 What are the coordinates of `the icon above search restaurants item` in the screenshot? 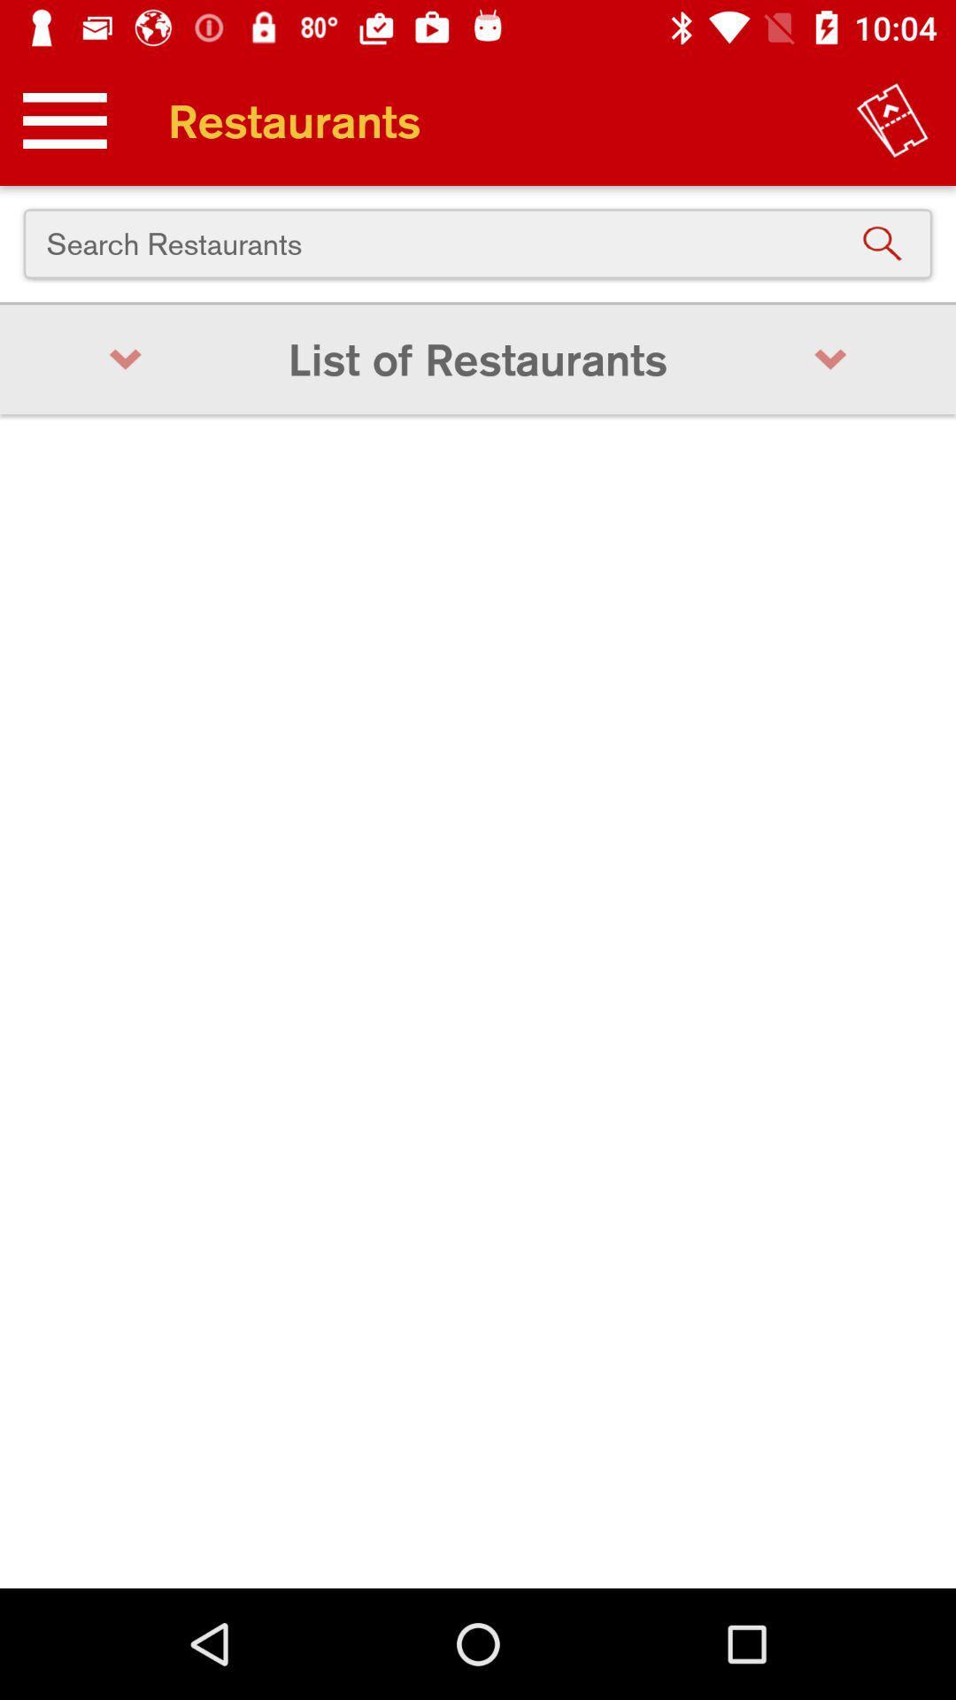 It's located at (892, 120).